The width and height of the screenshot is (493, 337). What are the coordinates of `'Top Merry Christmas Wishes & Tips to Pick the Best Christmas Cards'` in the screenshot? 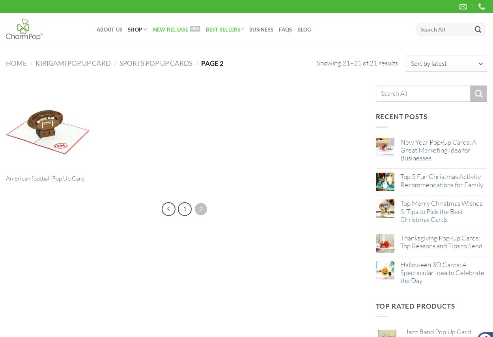 It's located at (441, 211).